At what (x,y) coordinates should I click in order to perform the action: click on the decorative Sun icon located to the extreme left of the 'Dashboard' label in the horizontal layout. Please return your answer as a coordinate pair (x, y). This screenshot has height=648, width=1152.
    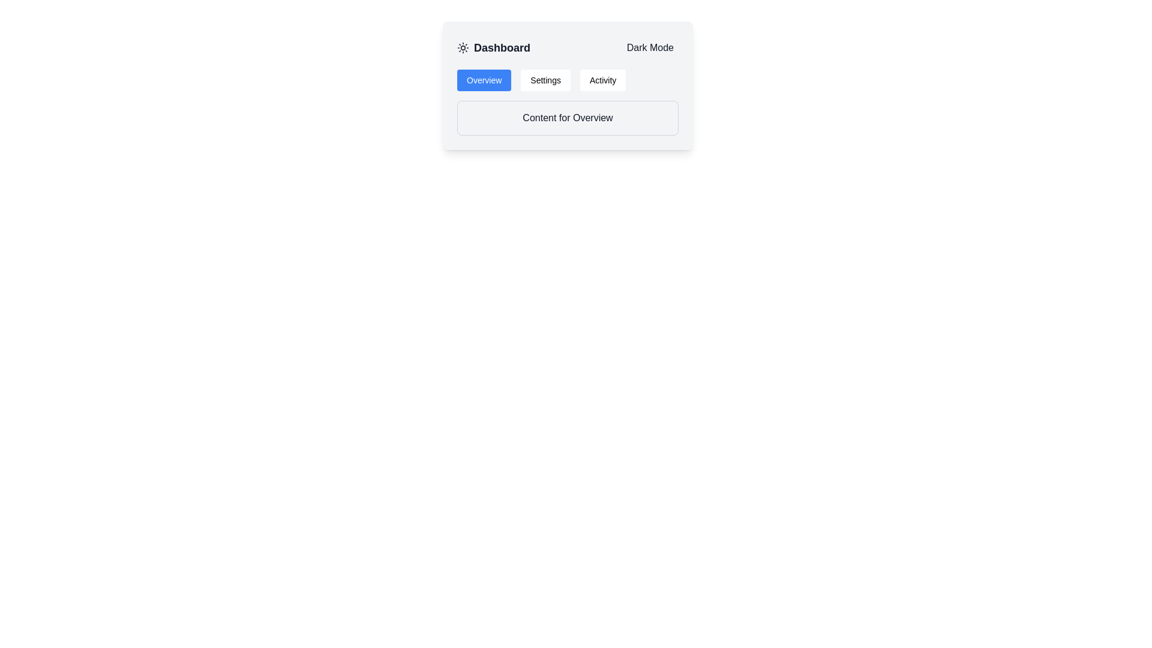
    Looking at the image, I should click on (463, 47).